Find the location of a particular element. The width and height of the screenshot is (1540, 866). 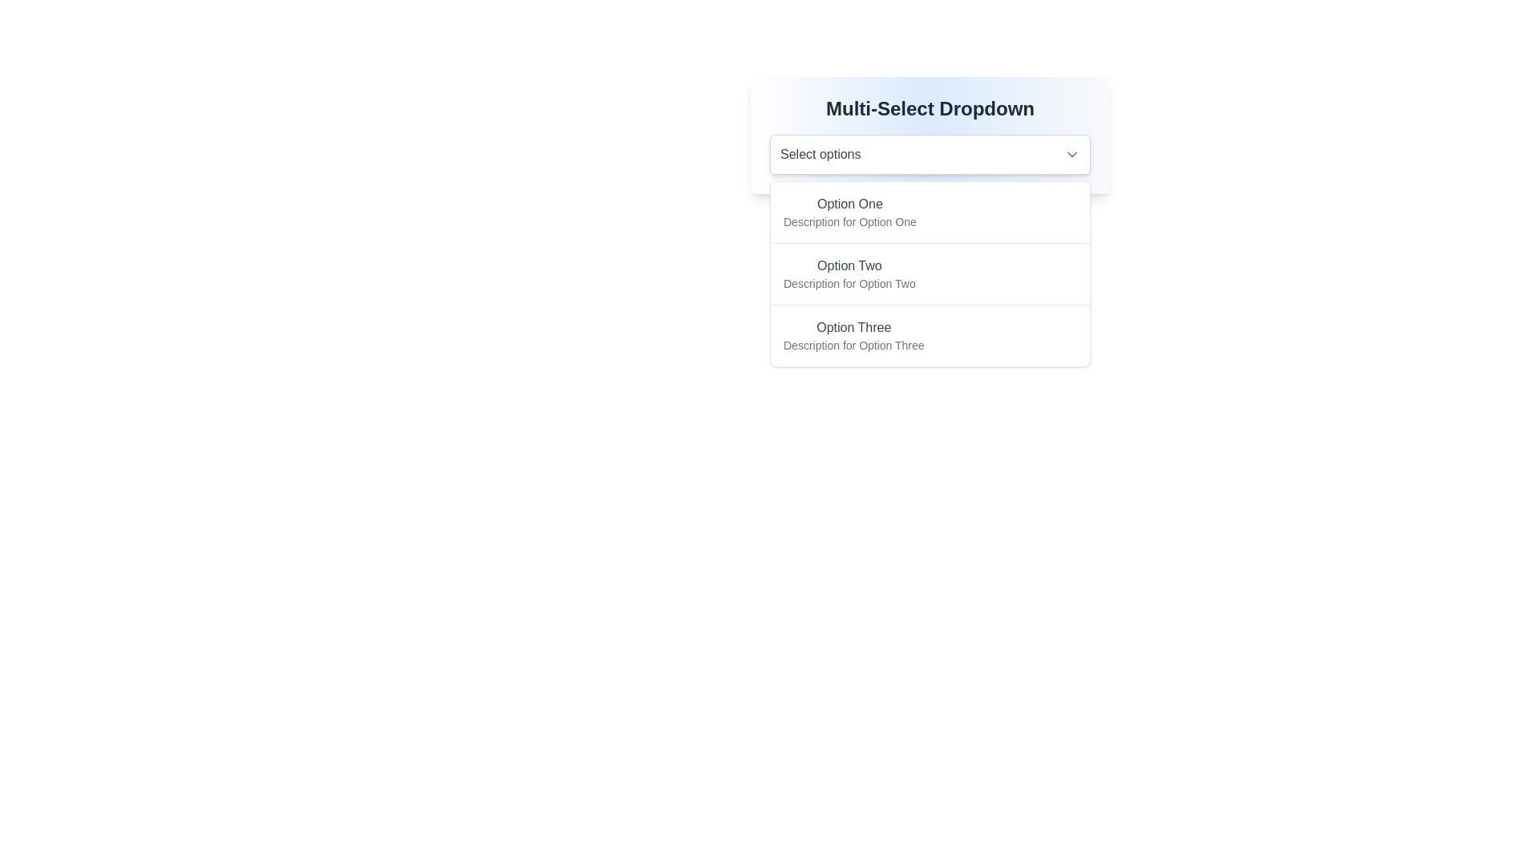

the small, dark chevron-down icon located at the far-right end of the 'Select options' dropdown header is located at coordinates (1072, 154).